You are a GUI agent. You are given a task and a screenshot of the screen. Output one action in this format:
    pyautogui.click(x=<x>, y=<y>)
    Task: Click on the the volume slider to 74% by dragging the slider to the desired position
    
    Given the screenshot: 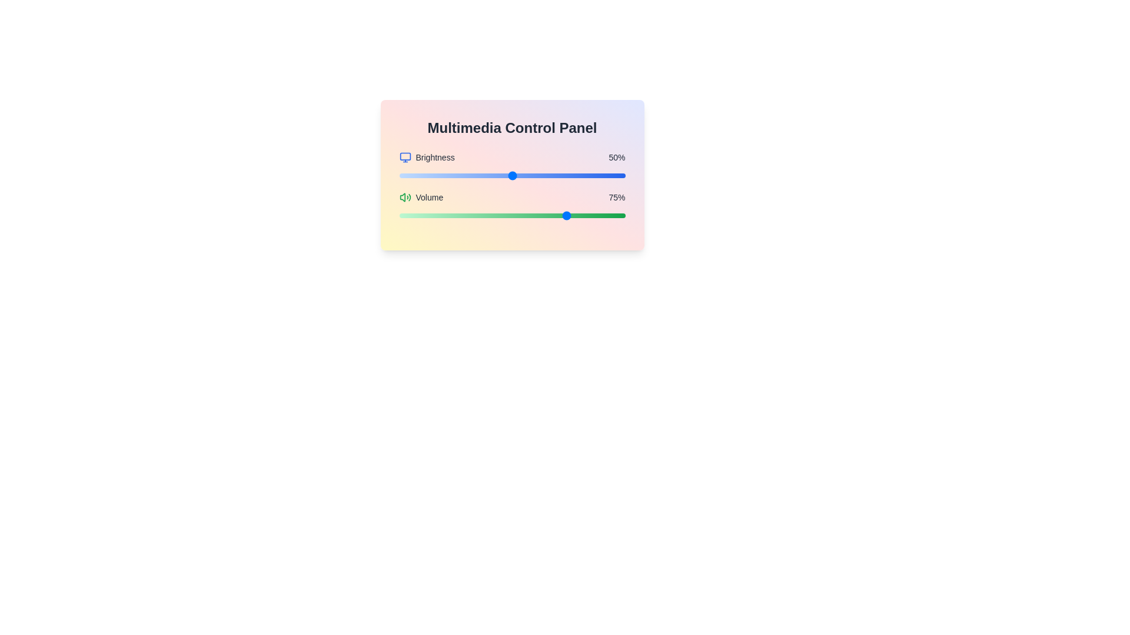 What is the action you would take?
    pyautogui.click(x=566, y=215)
    